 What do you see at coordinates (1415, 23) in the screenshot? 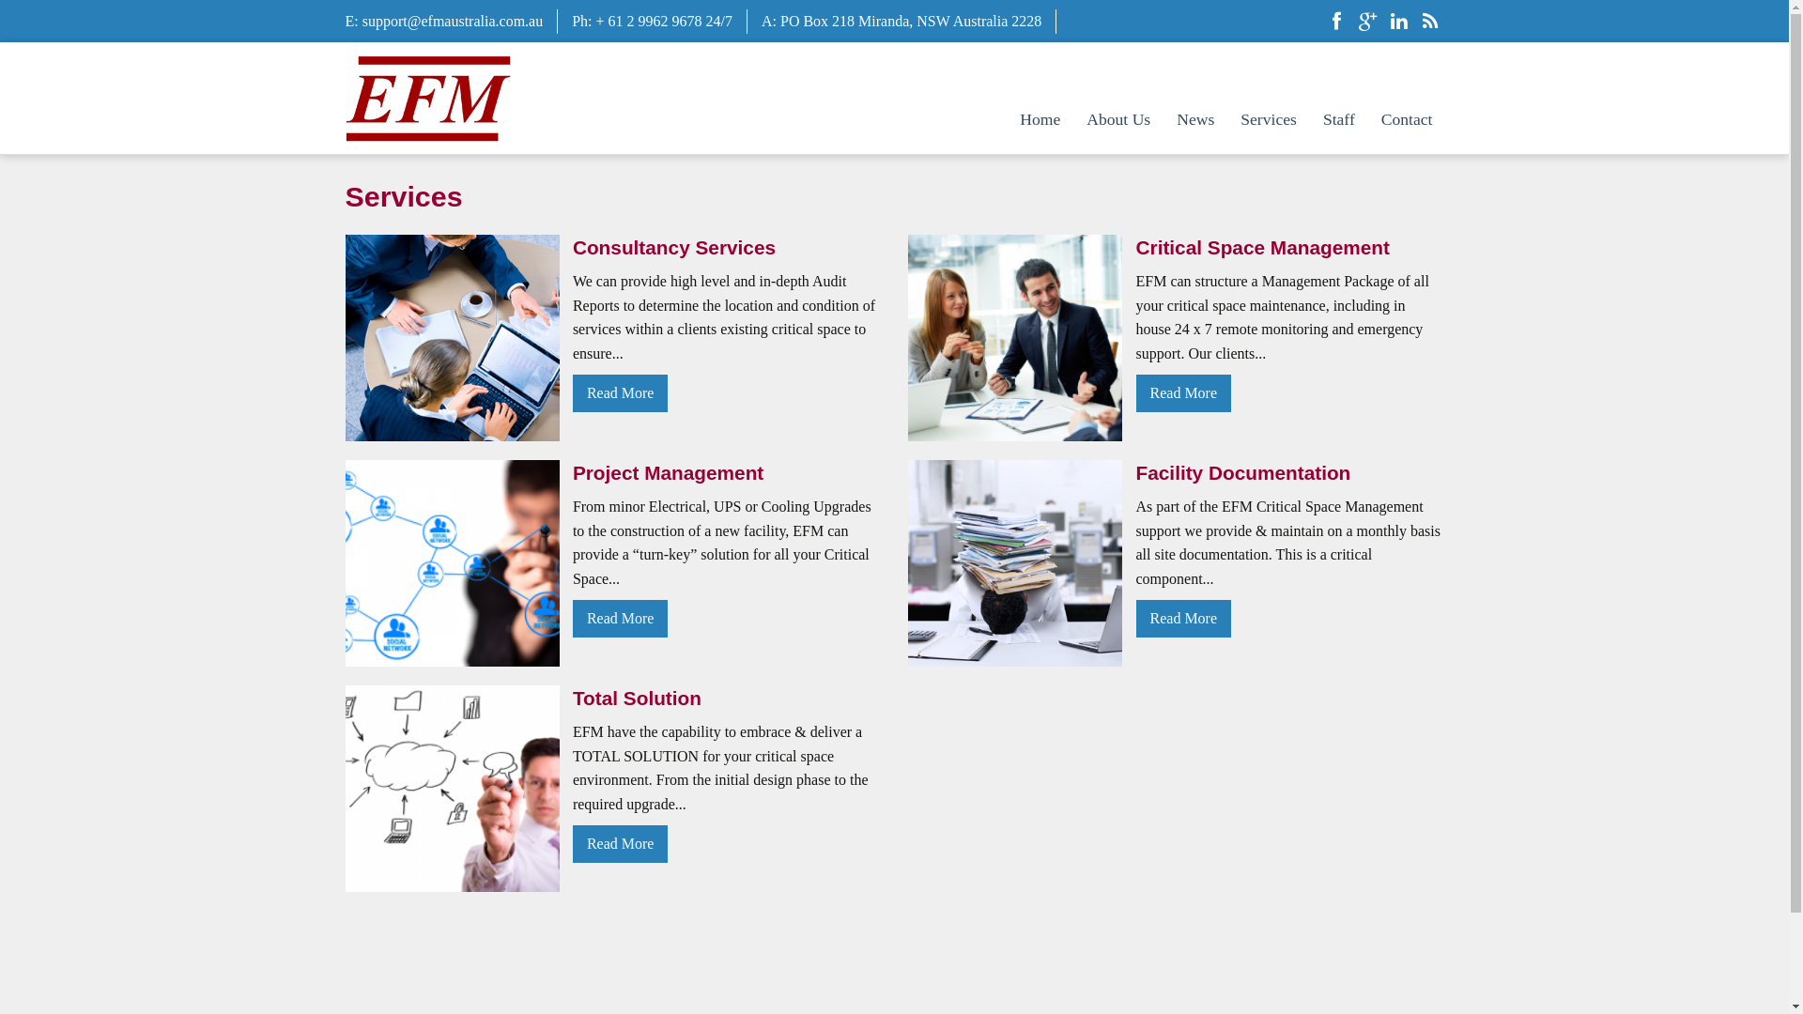
I see `'Read Our RSS Feed'` at bounding box center [1415, 23].